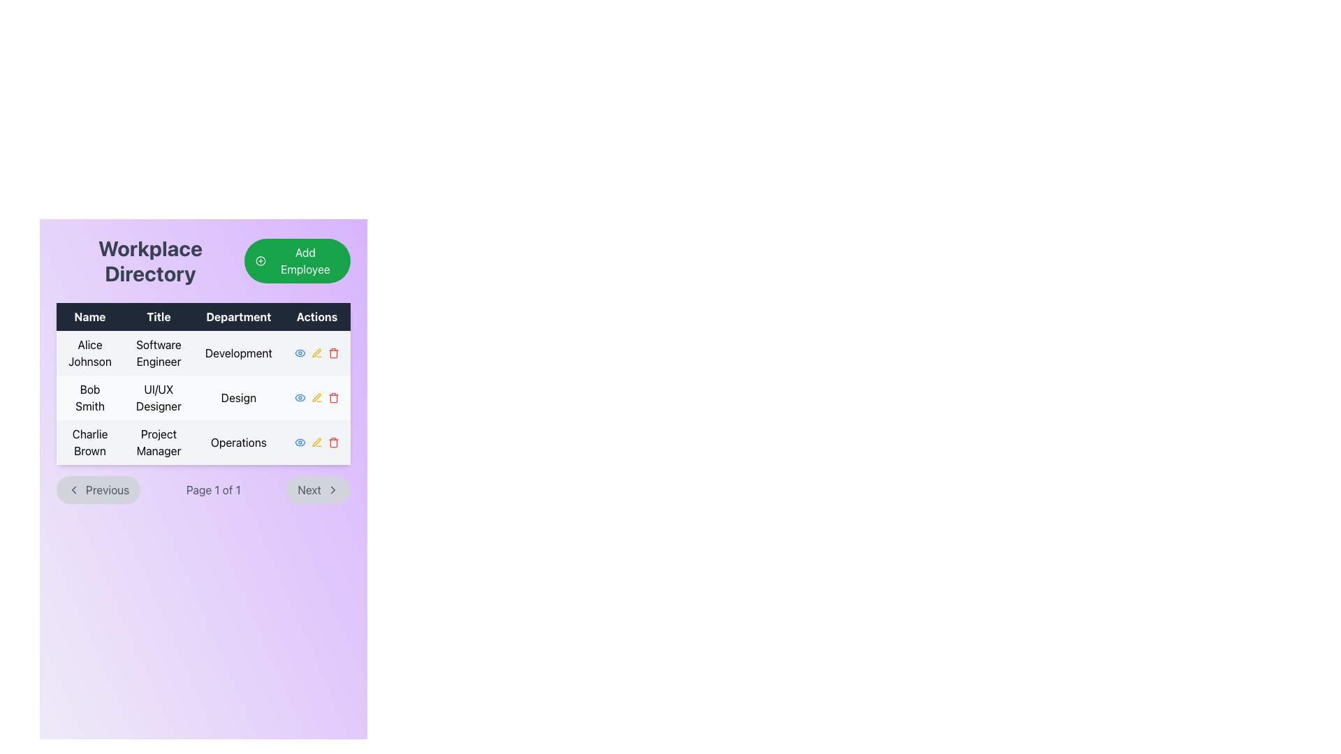  Describe the element at coordinates (315, 442) in the screenshot. I see `each interactive button in the last cell of the row associated with 'Charlie Brown' under the 'Actions' column in the table layout` at that location.